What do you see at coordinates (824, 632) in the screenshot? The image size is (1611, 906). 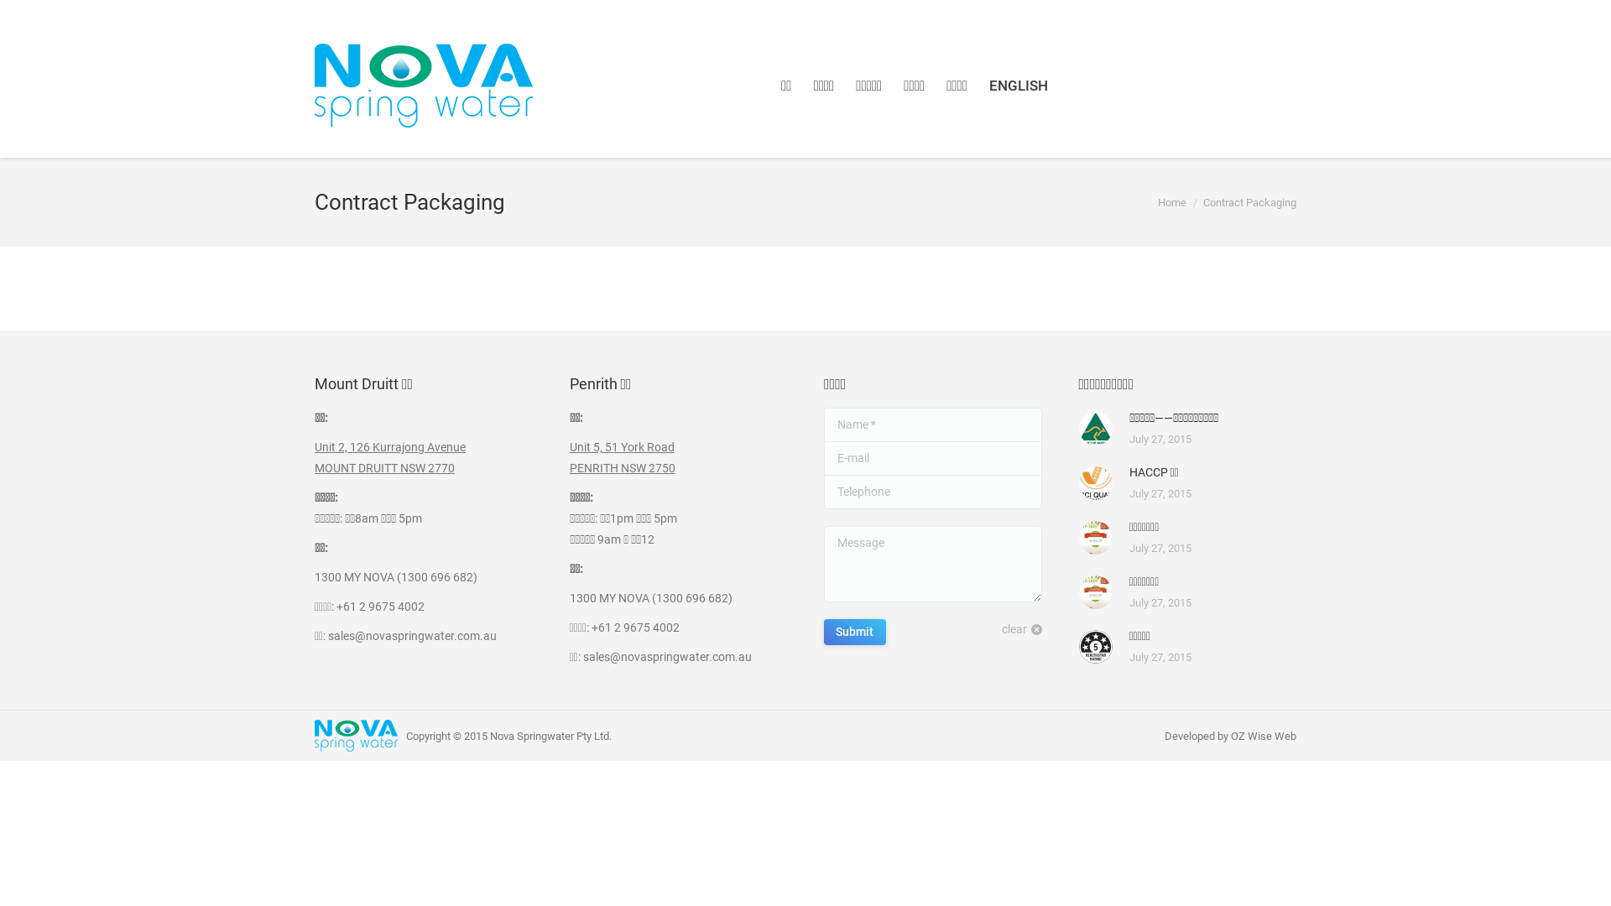 I see `'Submit'` at bounding box center [824, 632].